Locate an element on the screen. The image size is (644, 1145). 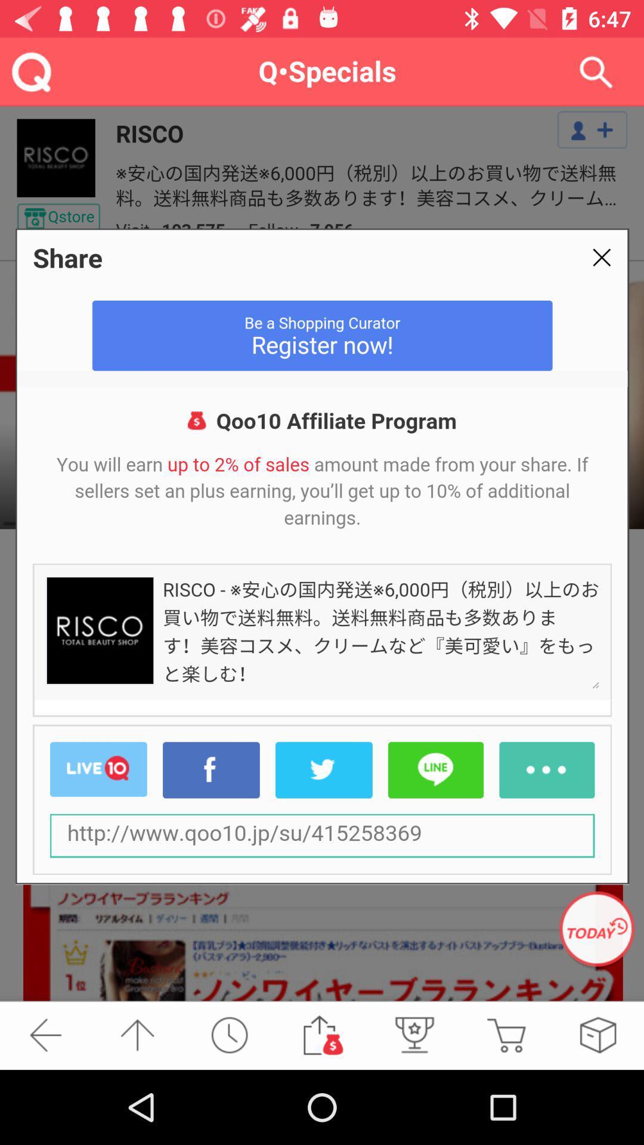
the arrow_upward icon is located at coordinates (137, 1034).